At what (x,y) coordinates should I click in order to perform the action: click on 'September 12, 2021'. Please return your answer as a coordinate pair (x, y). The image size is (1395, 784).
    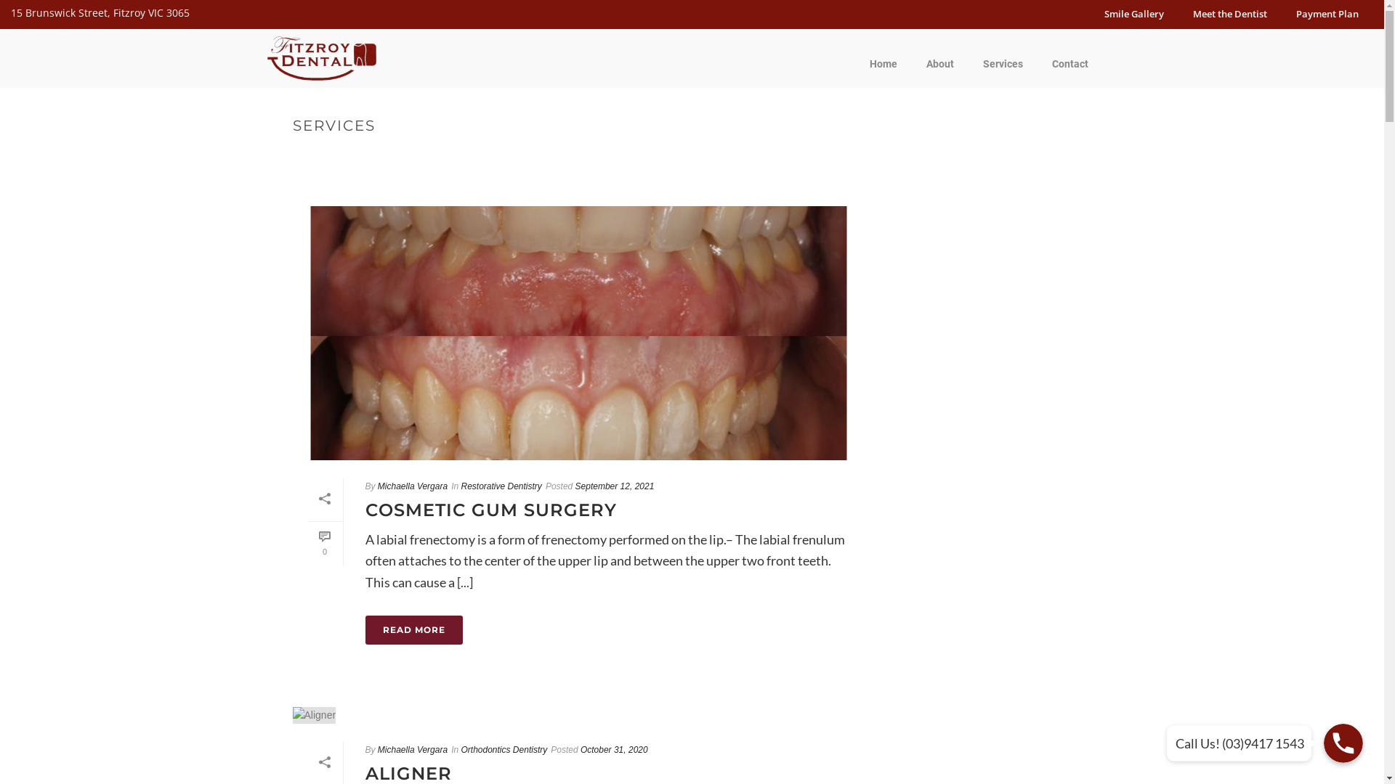
    Looking at the image, I should click on (615, 486).